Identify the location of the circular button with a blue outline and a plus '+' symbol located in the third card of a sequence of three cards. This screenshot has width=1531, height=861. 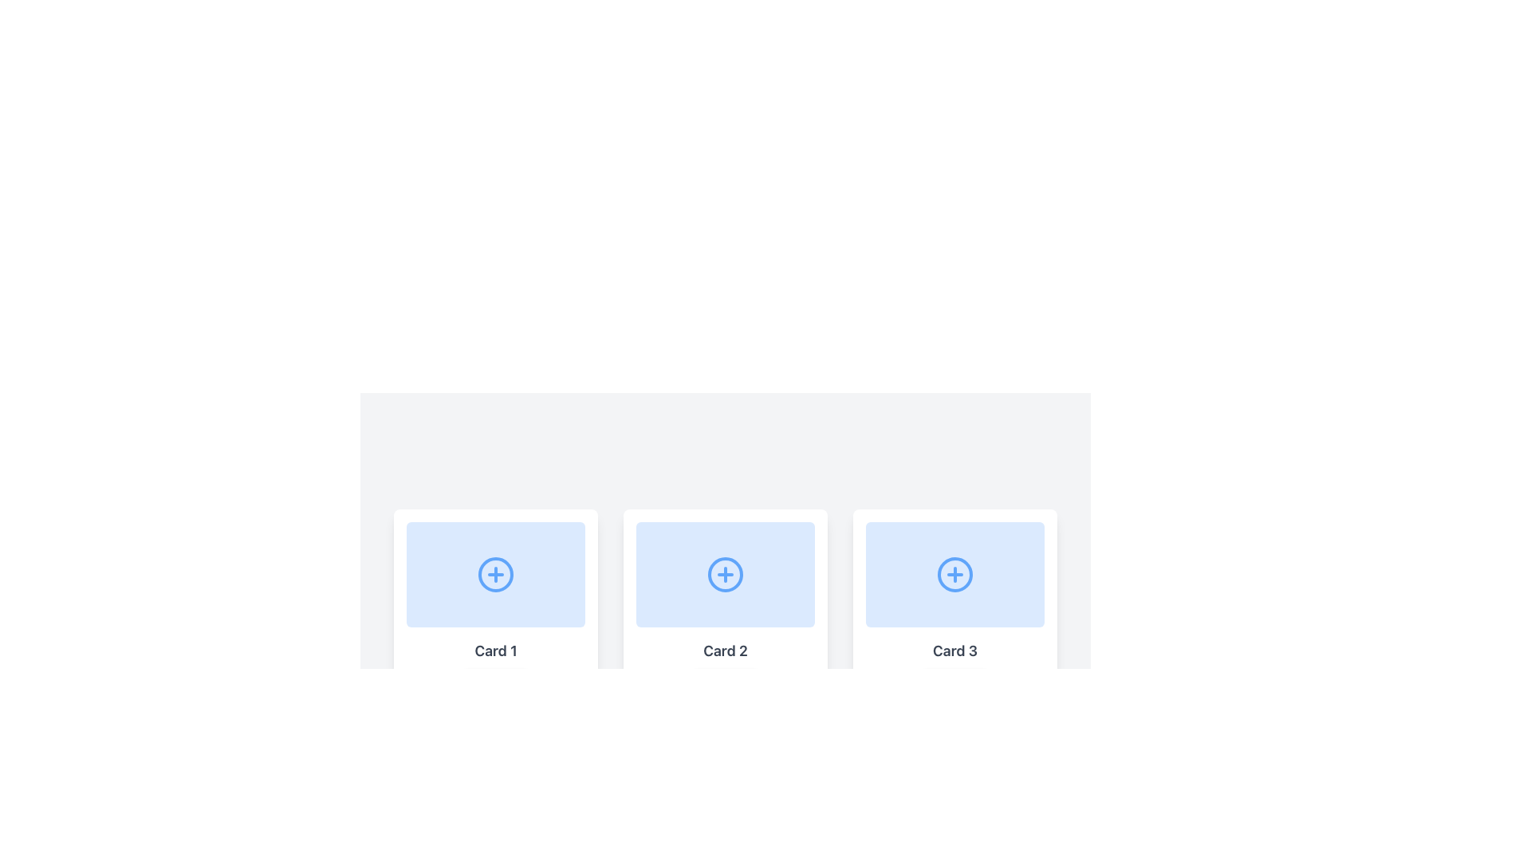
(955, 575).